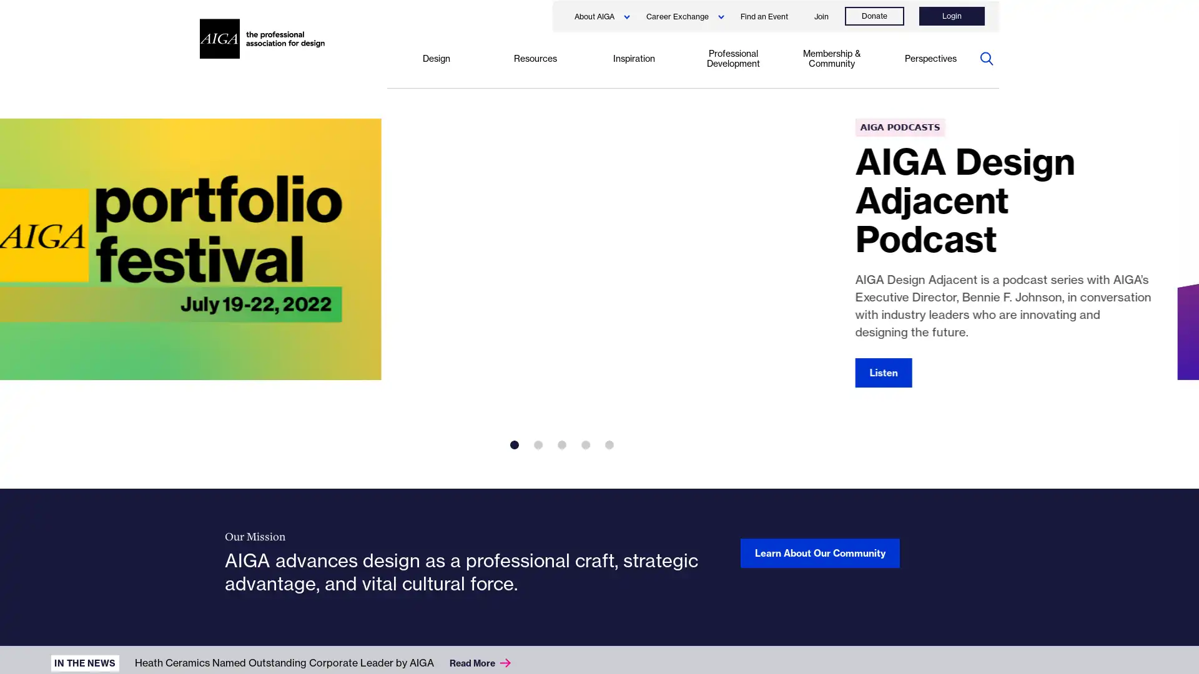 The height and width of the screenshot is (674, 1199). Describe the element at coordinates (538, 444) in the screenshot. I see `2 of 5` at that location.